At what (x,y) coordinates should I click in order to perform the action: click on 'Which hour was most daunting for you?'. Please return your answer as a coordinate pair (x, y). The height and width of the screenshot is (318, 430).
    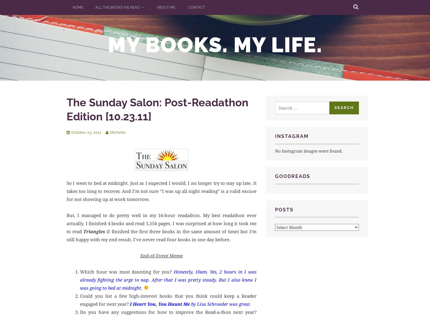
    Looking at the image, I should click on (127, 271).